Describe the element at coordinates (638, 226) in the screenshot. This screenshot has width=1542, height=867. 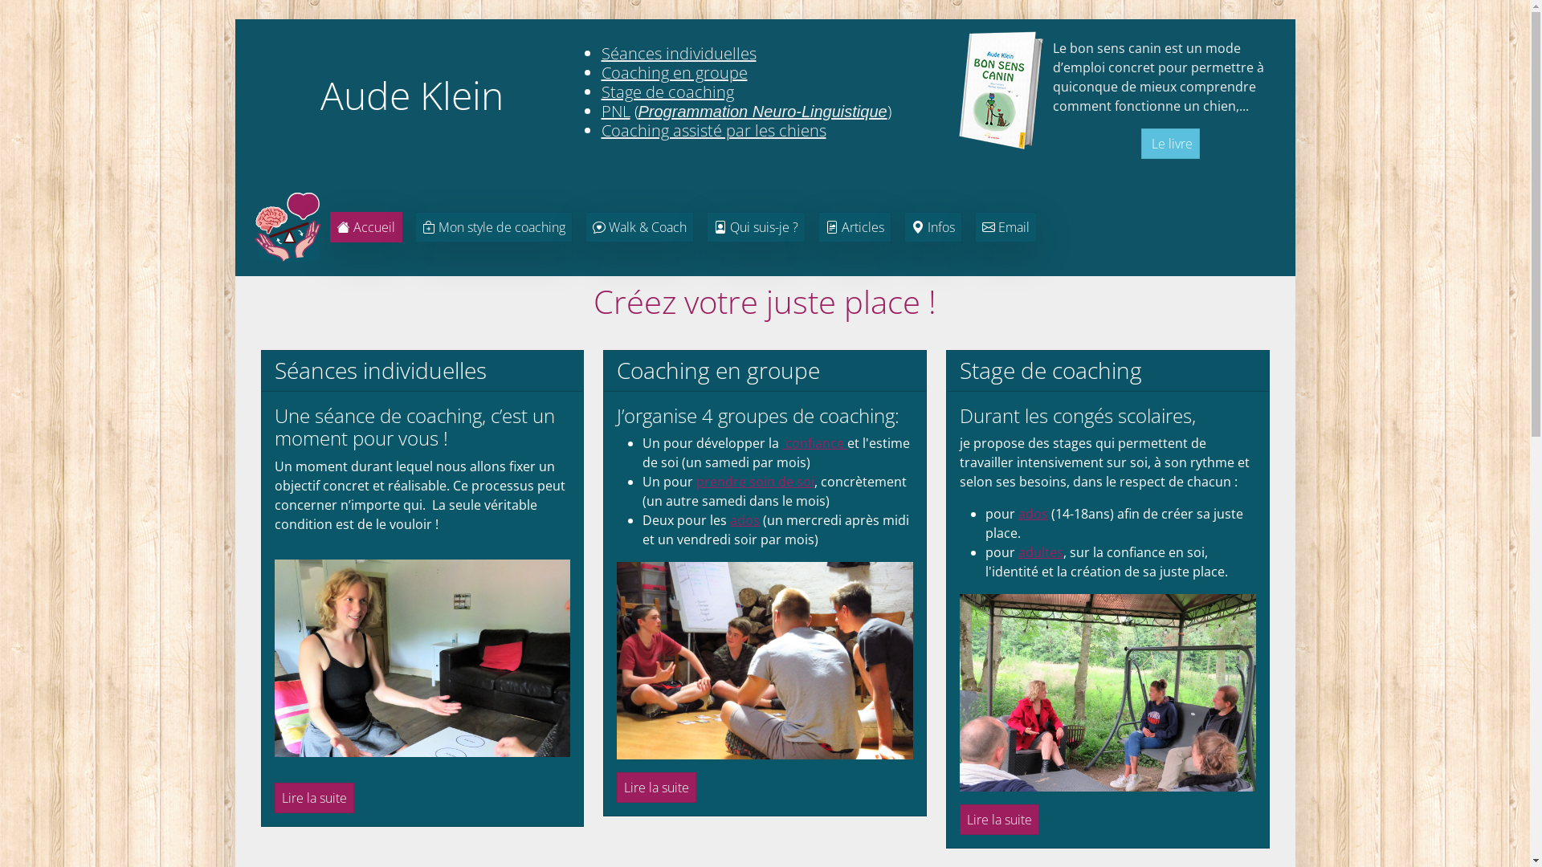
I see `'Walk & Coach'` at that location.